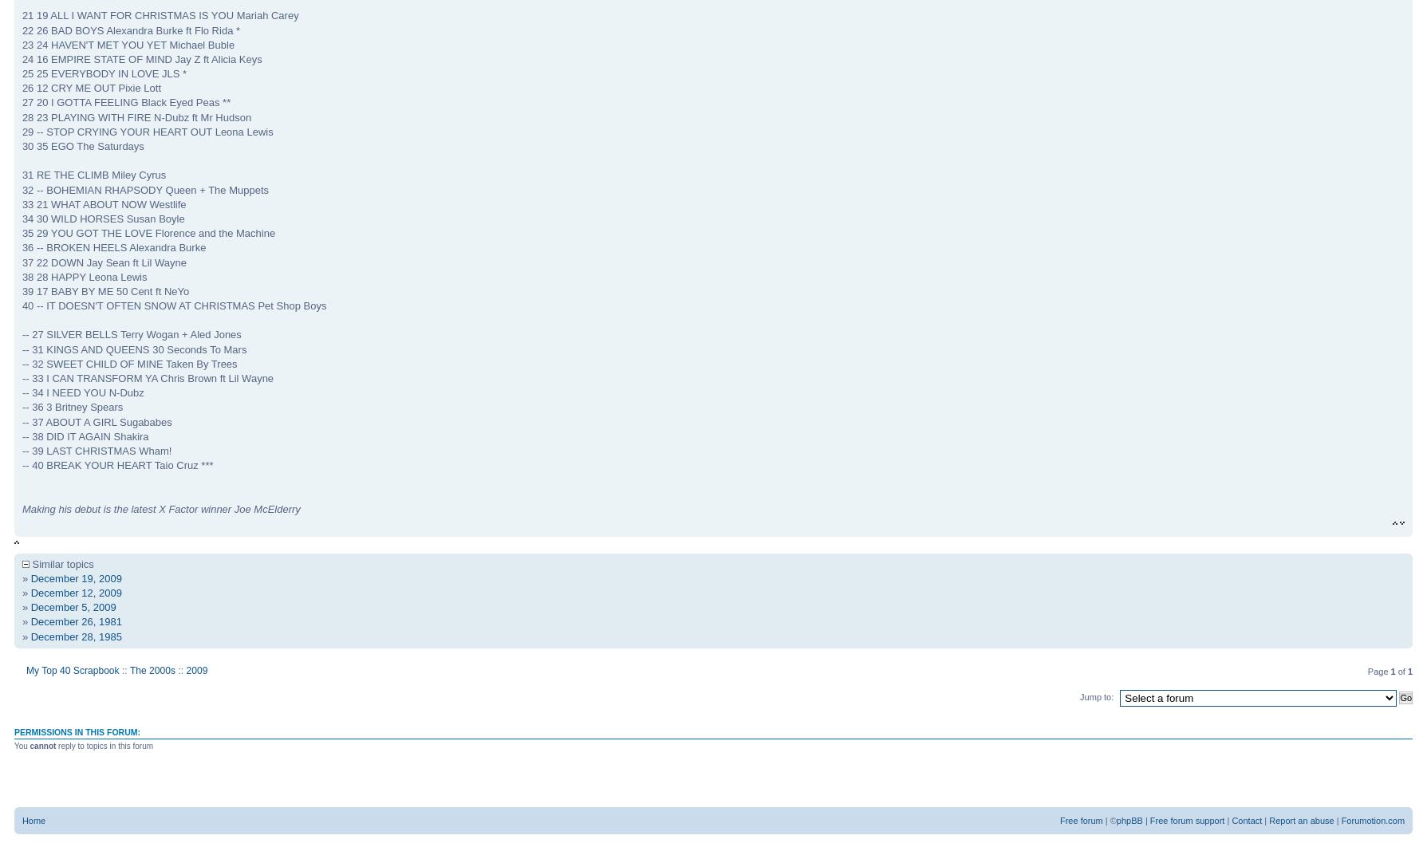 The height and width of the screenshot is (859, 1427). Describe the element at coordinates (144, 189) in the screenshot. I see `'32 -- BOHEMIAN RHAPSODY Queen + The Muppets'` at that location.